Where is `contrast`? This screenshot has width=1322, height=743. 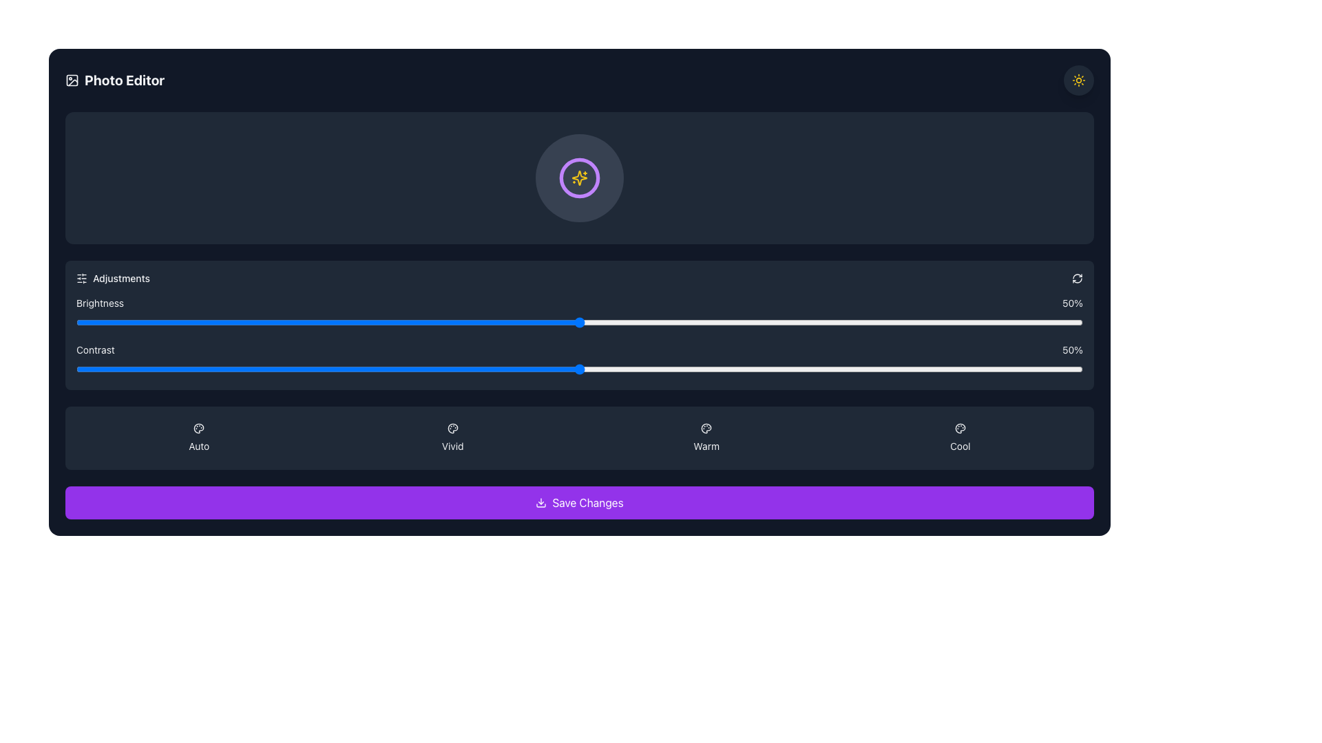 contrast is located at coordinates (297, 368).